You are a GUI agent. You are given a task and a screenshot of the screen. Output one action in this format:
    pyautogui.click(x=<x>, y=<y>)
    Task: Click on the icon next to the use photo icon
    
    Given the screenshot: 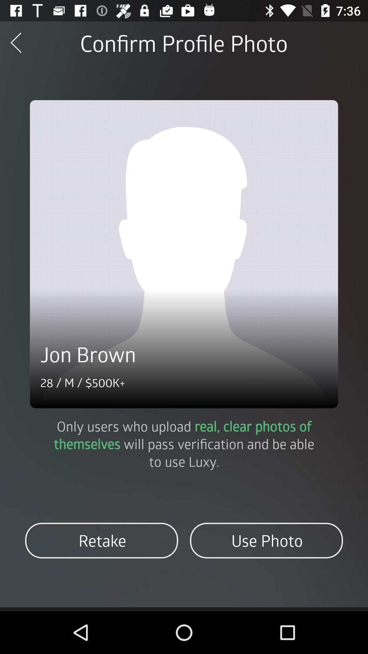 What is the action you would take?
    pyautogui.click(x=102, y=540)
    